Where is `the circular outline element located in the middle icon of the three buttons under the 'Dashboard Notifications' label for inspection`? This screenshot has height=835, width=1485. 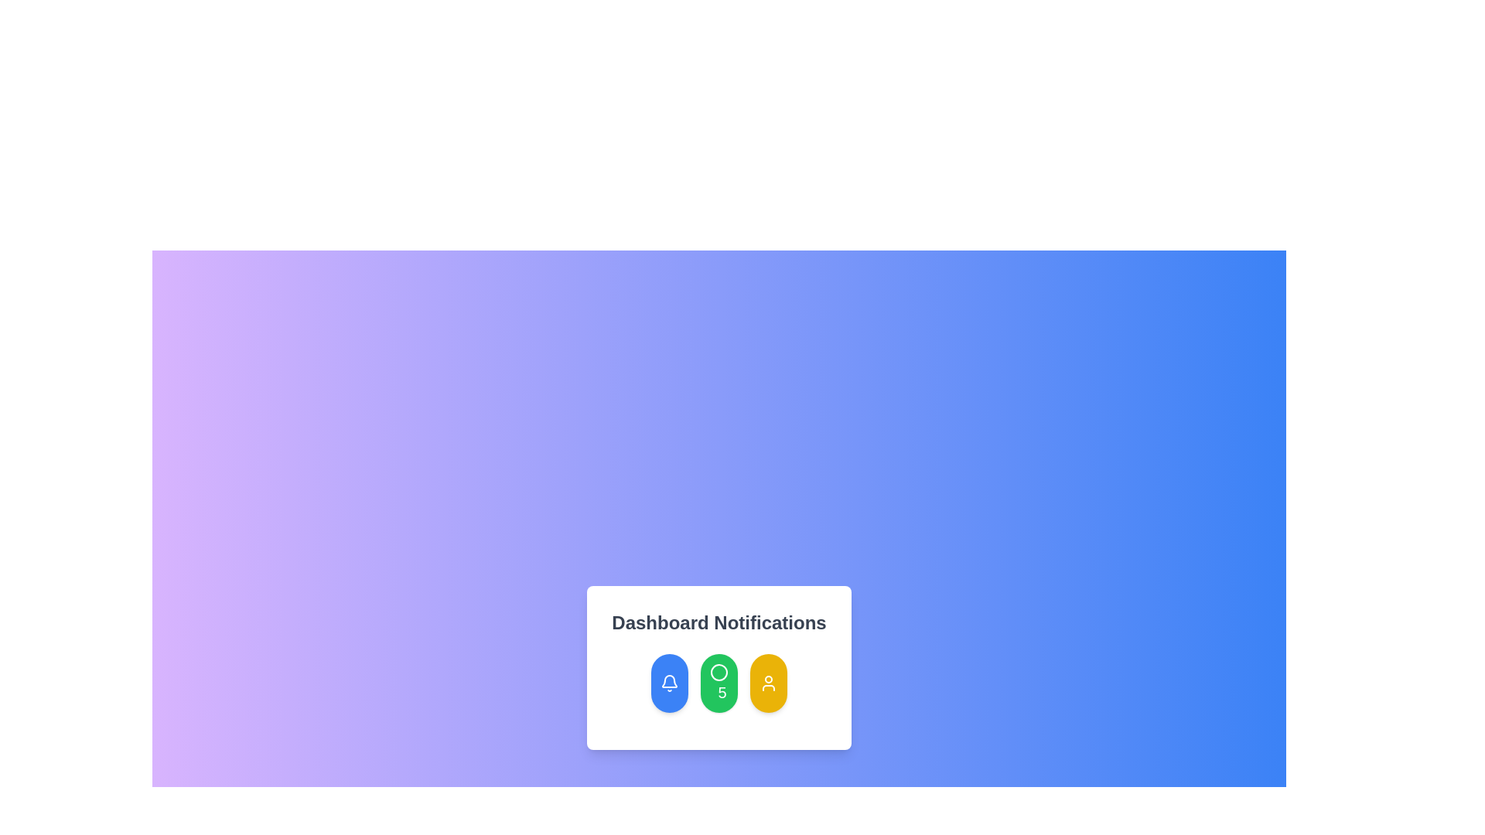
the circular outline element located in the middle icon of the three buttons under the 'Dashboard Notifications' label for inspection is located at coordinates (719, 672).